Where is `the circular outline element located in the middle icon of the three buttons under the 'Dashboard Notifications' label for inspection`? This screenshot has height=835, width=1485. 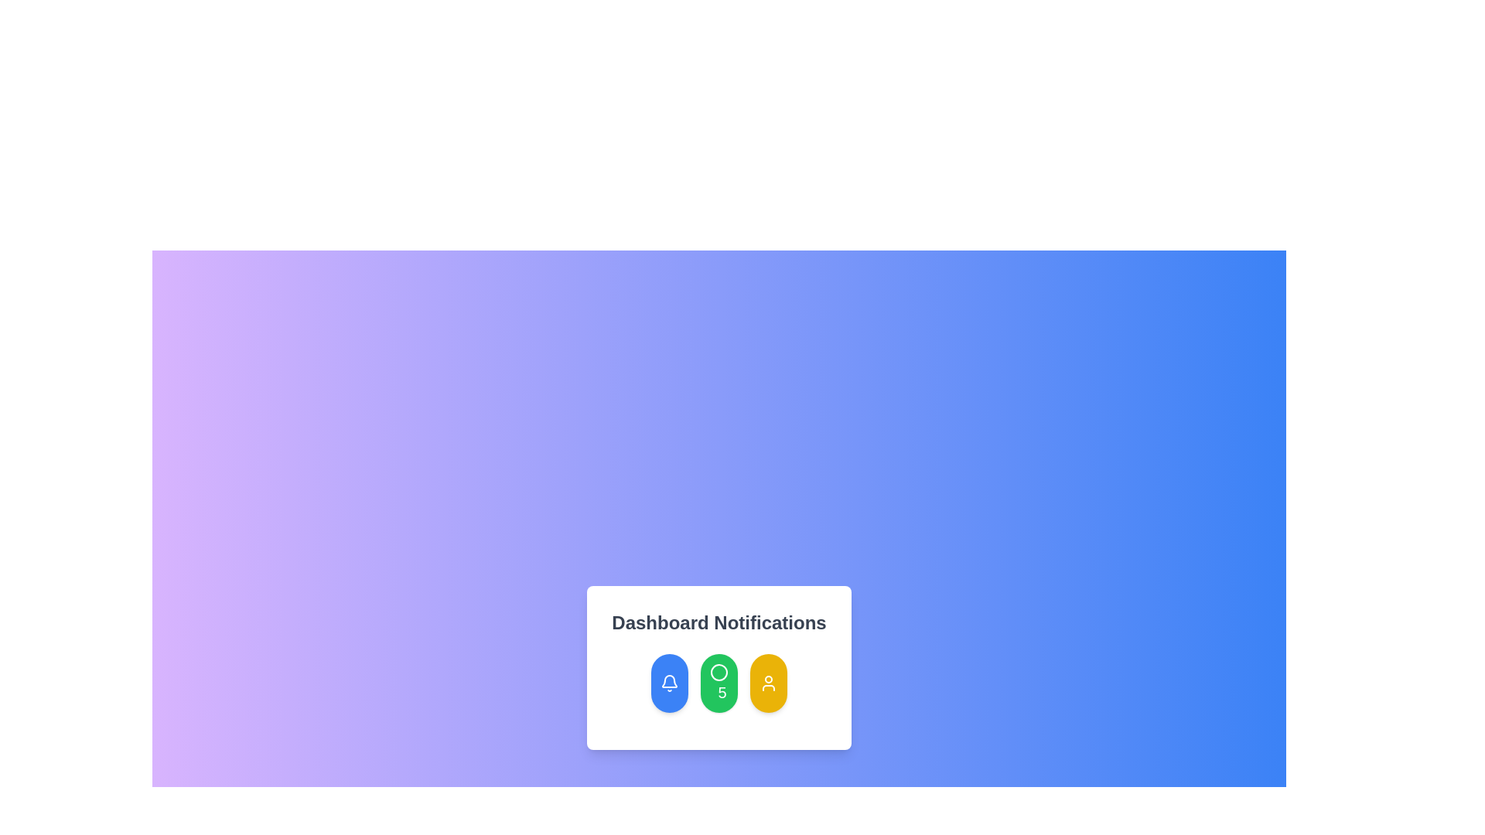
the circular outline element located in the middle icon of the three buttons under the 'Dashboard Notifications' label for inspection is located at coordinates (719, 672).